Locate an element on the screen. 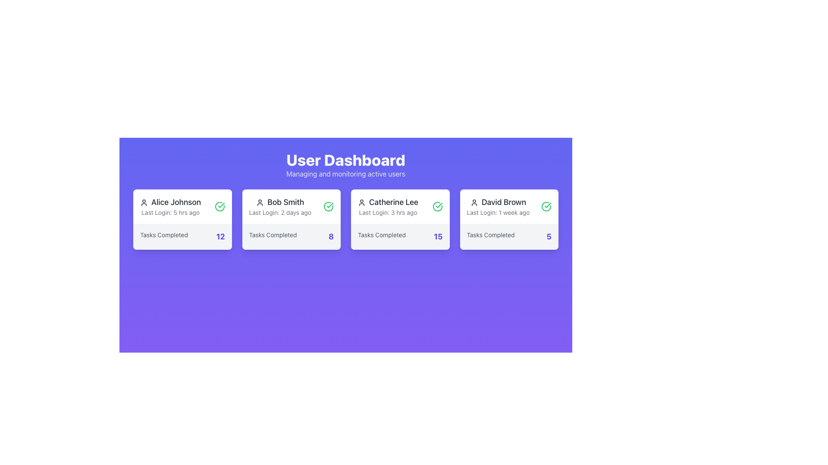  the status icon located in the top-right corner of the card labeled 'Catherine Lee', which indicates the user's availability or status is located at coordinates (437, 206).